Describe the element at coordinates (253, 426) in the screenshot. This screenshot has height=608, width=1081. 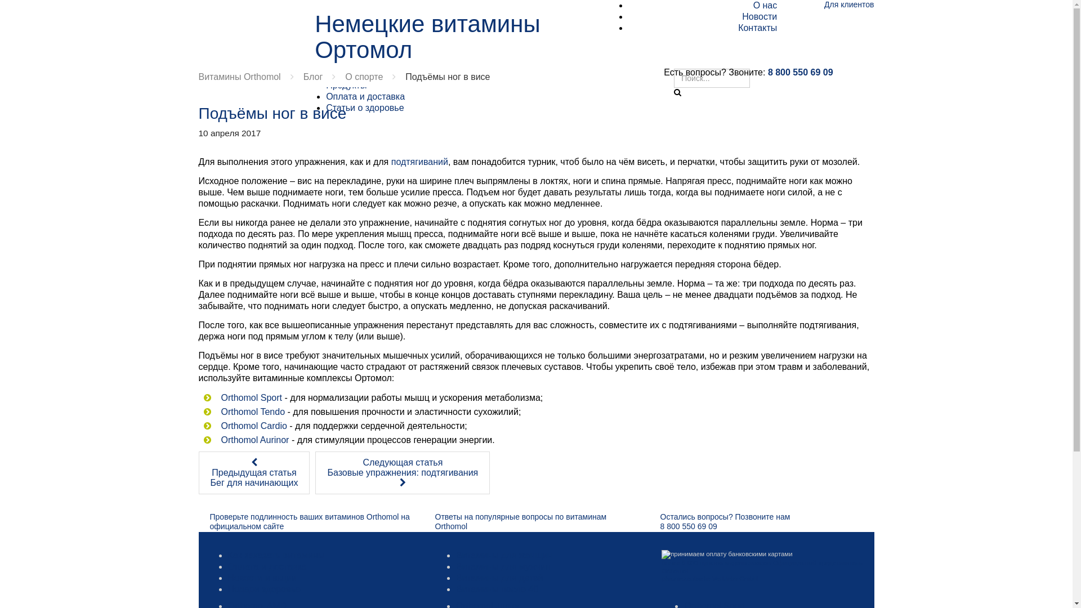
I see `'Orthomol Cardio'` at that location.